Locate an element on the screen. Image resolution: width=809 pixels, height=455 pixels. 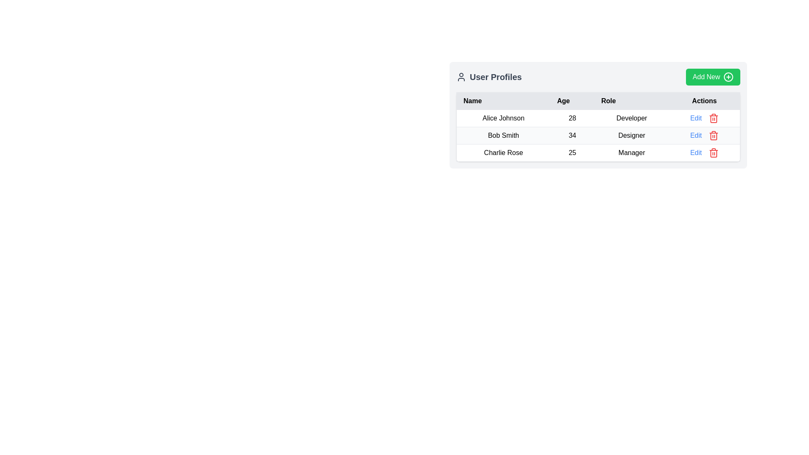
the red trash can icon is located at coordinates (713, 153).